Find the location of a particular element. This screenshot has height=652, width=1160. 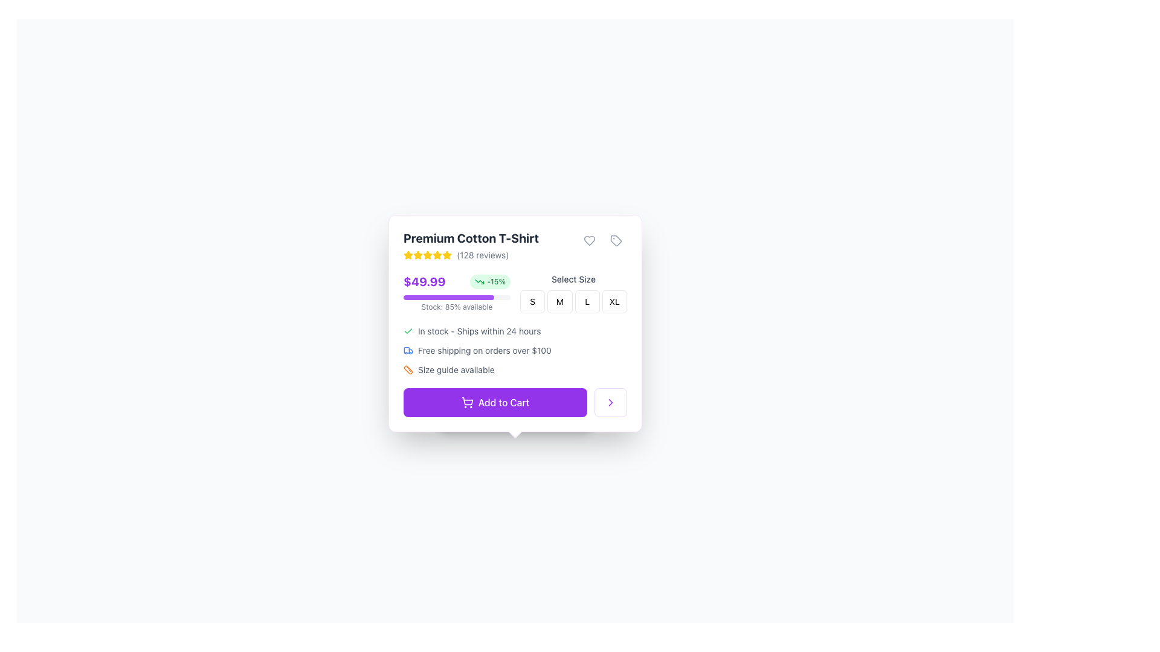

the static text label displaying '(128 reviews)' located in the product detail section to the right of the star icons is located at coordinates (482, 255).